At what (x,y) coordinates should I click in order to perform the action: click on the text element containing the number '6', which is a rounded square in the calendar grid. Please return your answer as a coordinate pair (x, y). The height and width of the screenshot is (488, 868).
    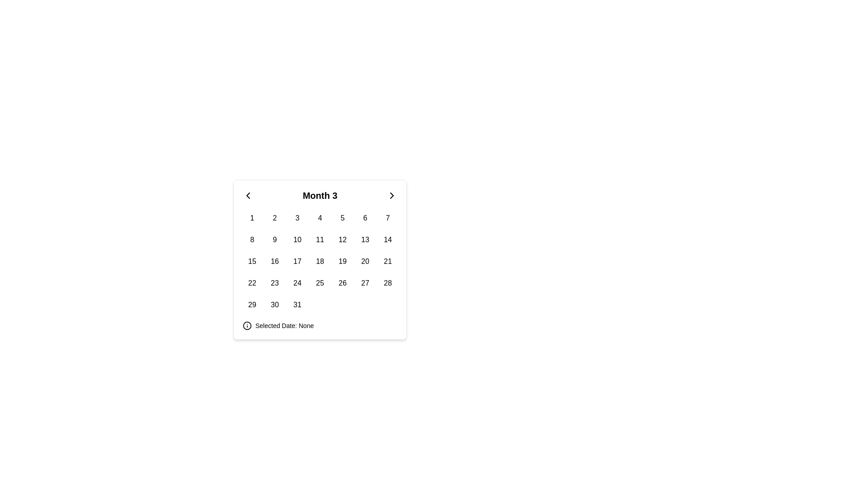
    Looking at the image, I should click on (365, 218).